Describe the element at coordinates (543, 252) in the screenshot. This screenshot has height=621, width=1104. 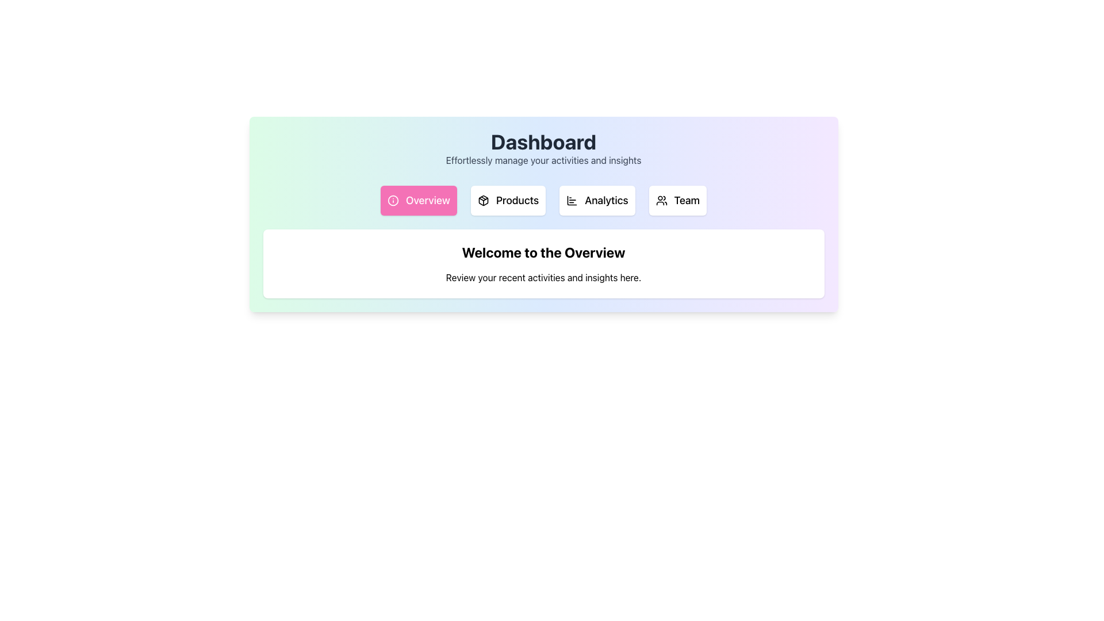
I see `bold and large heading text that says 'Welcome to the Overview', positioned at the center of the card near the top` at that location.